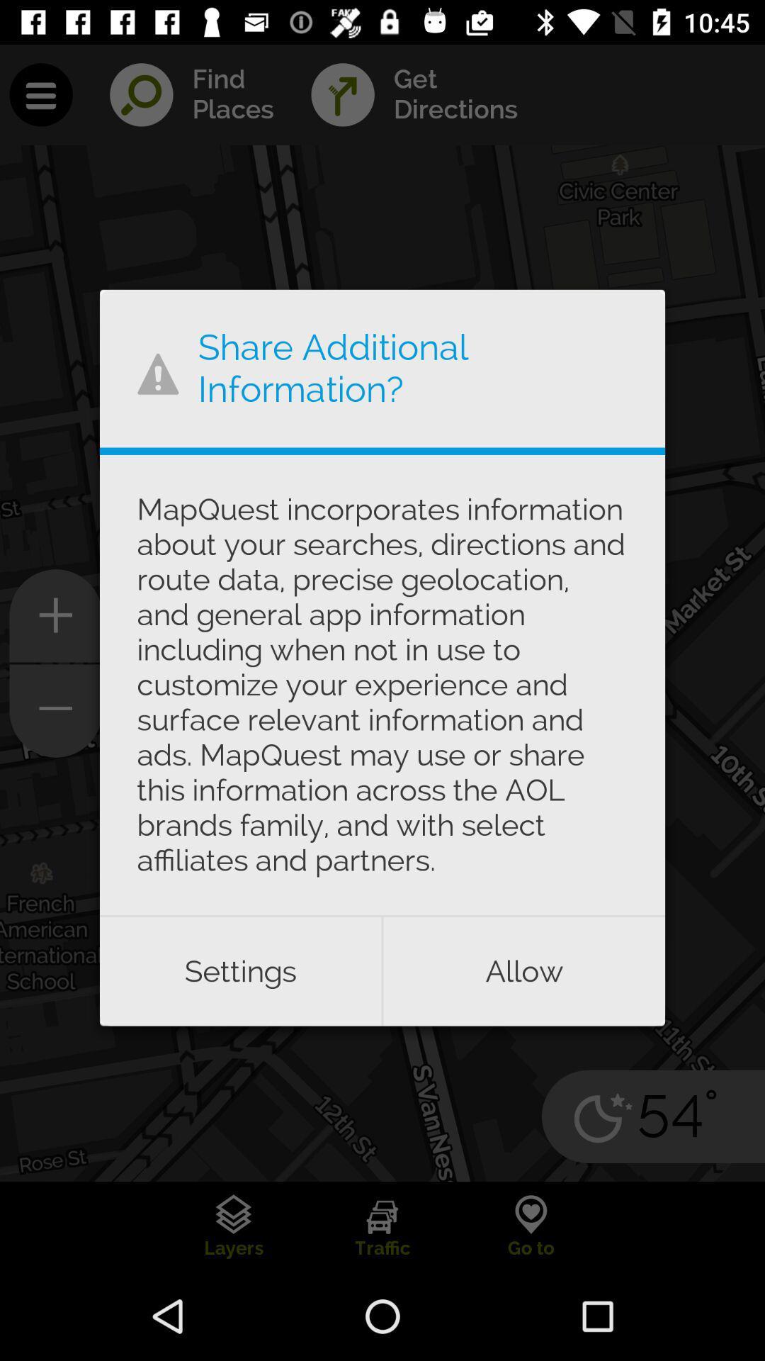 This screenshot has width=765, height=1361. What do you see at coordinates (524, 970) in the screenshot?
I see `the allow item` at bounding box center [524, 970].